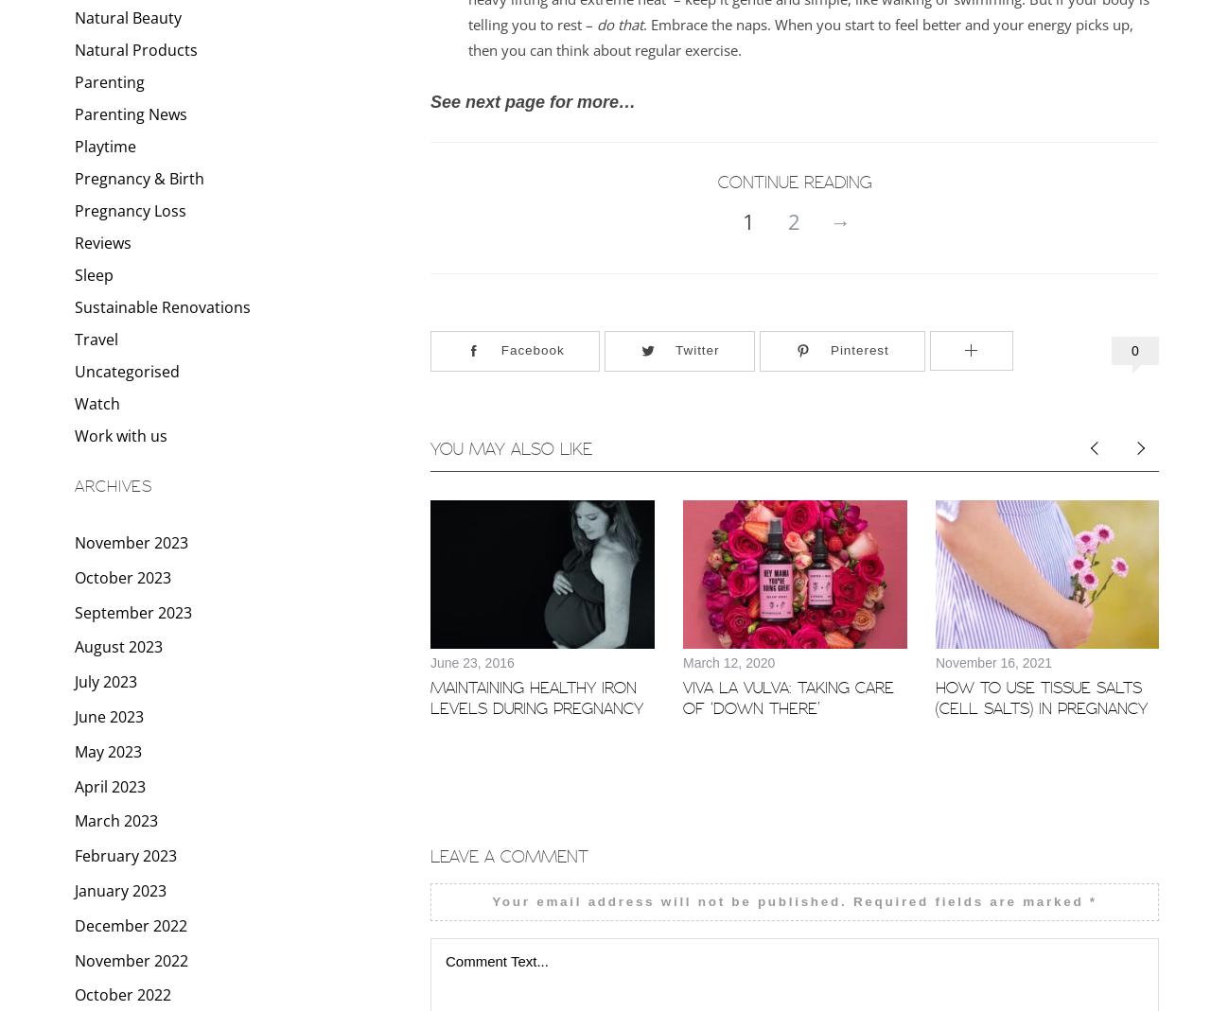 The height and width of the screenshot is (1011, 1211). I want to click on 'Natural Beauty', so click(127, 17).